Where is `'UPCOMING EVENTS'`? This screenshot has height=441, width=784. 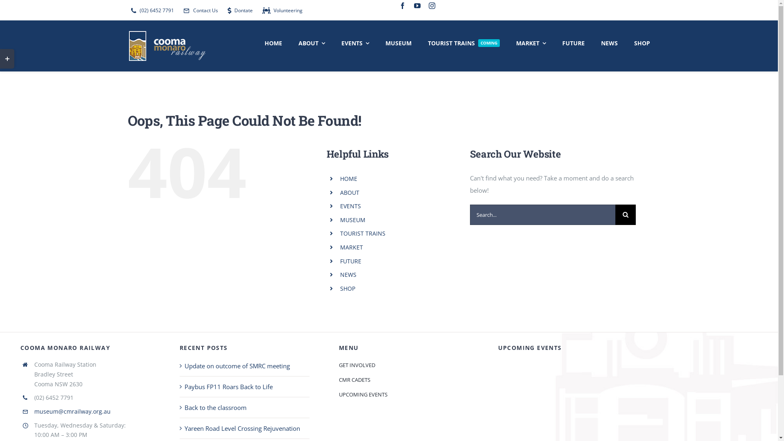
'UPCOMING EVENTS' is located at coordinates (339, 394).